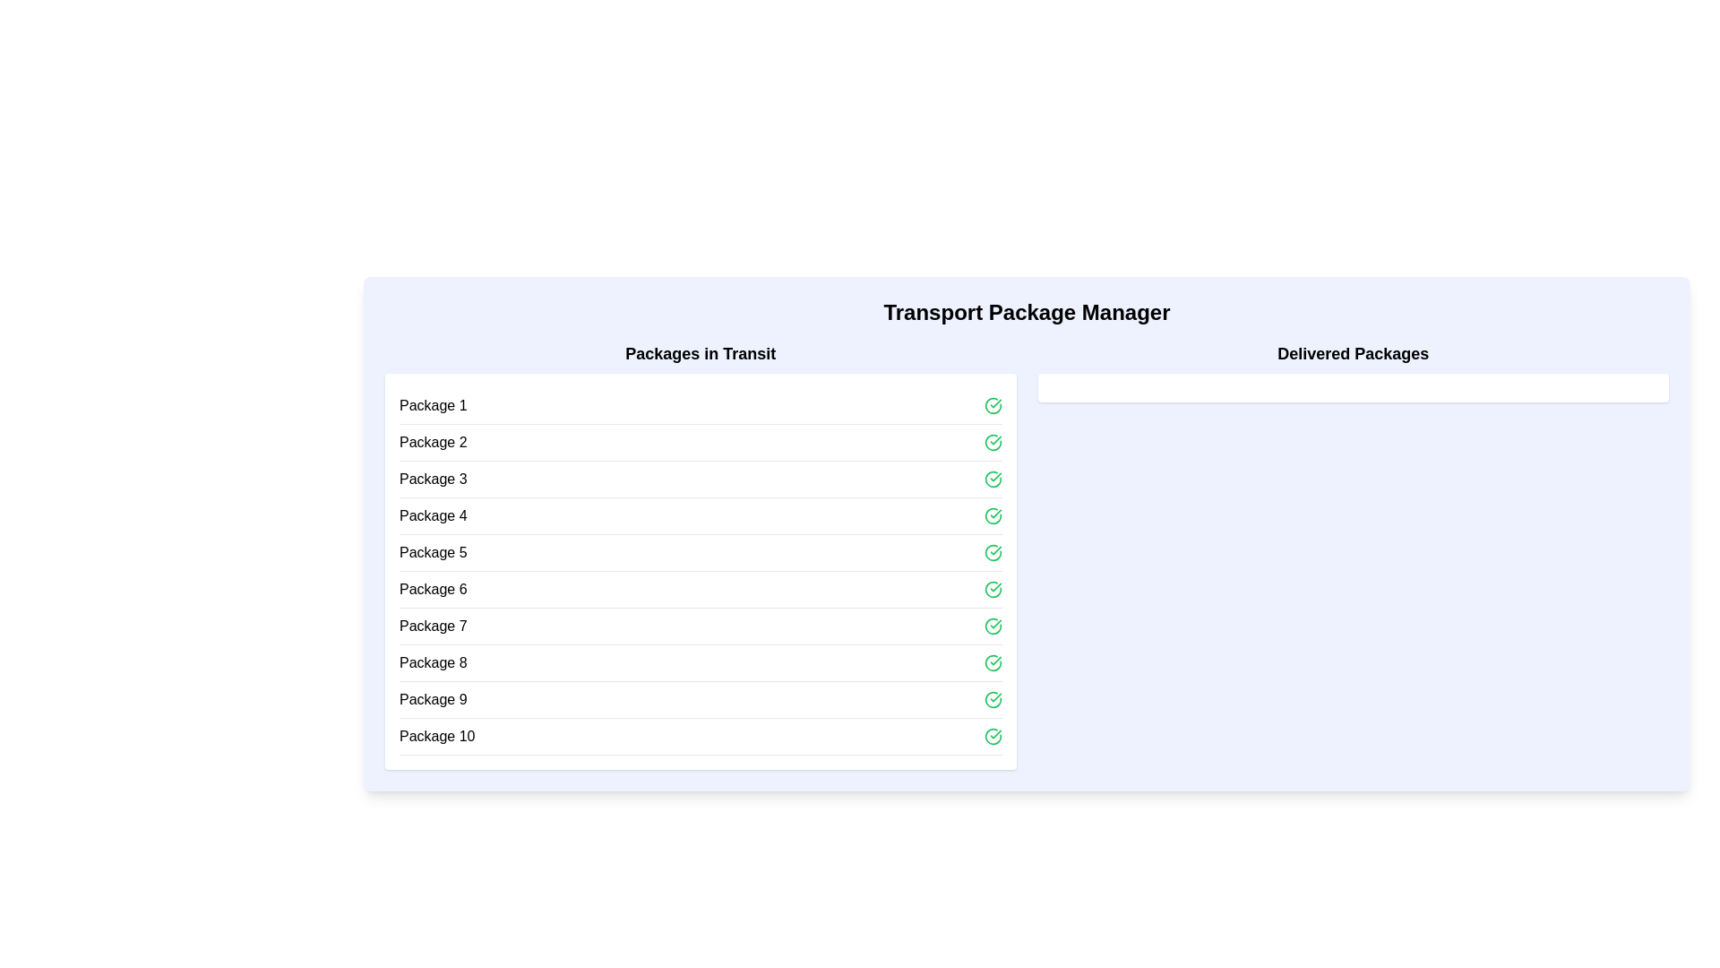 The height and width of the screenshot is (968, 1720). I want to click on the green checkmark icon indicating a successful status in the 'Package 6' row, so click(992, 590).